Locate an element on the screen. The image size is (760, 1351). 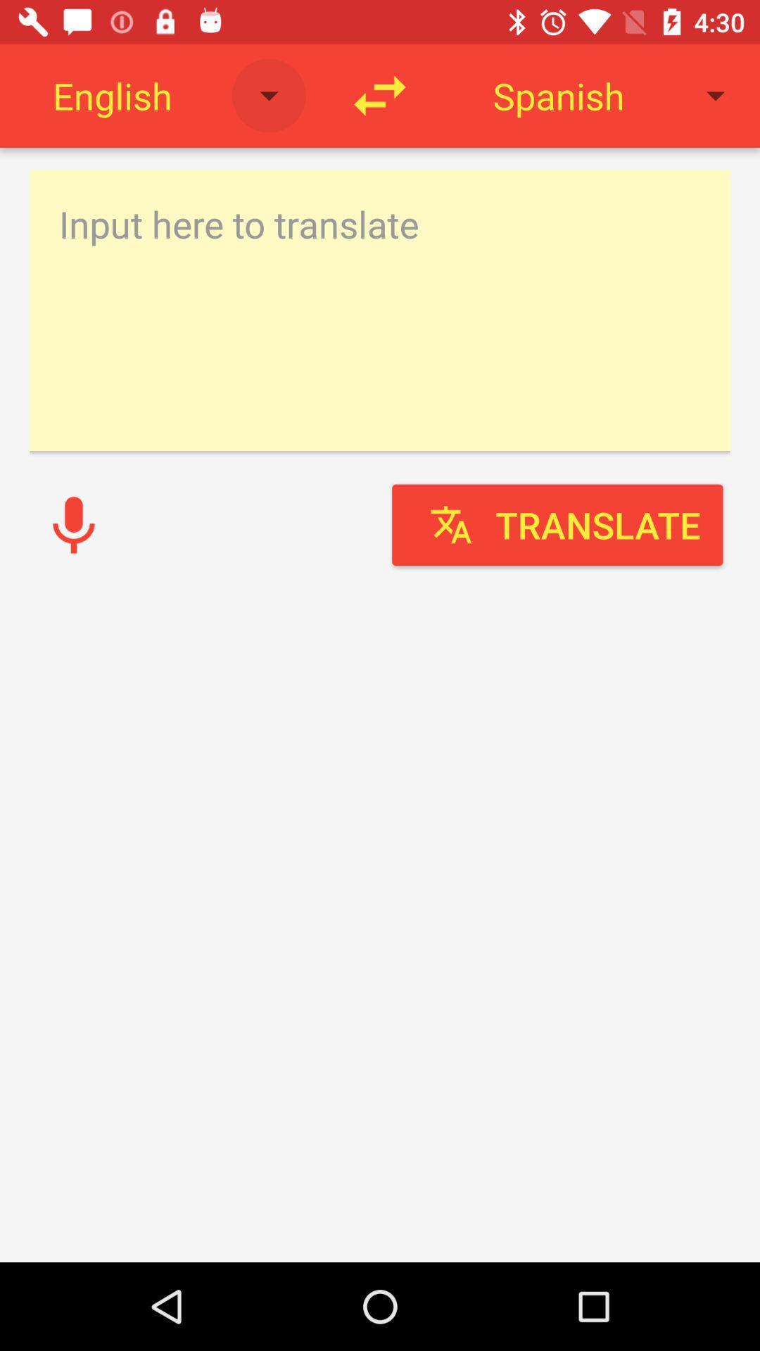
microphone button is located at coordinates (73, 524).